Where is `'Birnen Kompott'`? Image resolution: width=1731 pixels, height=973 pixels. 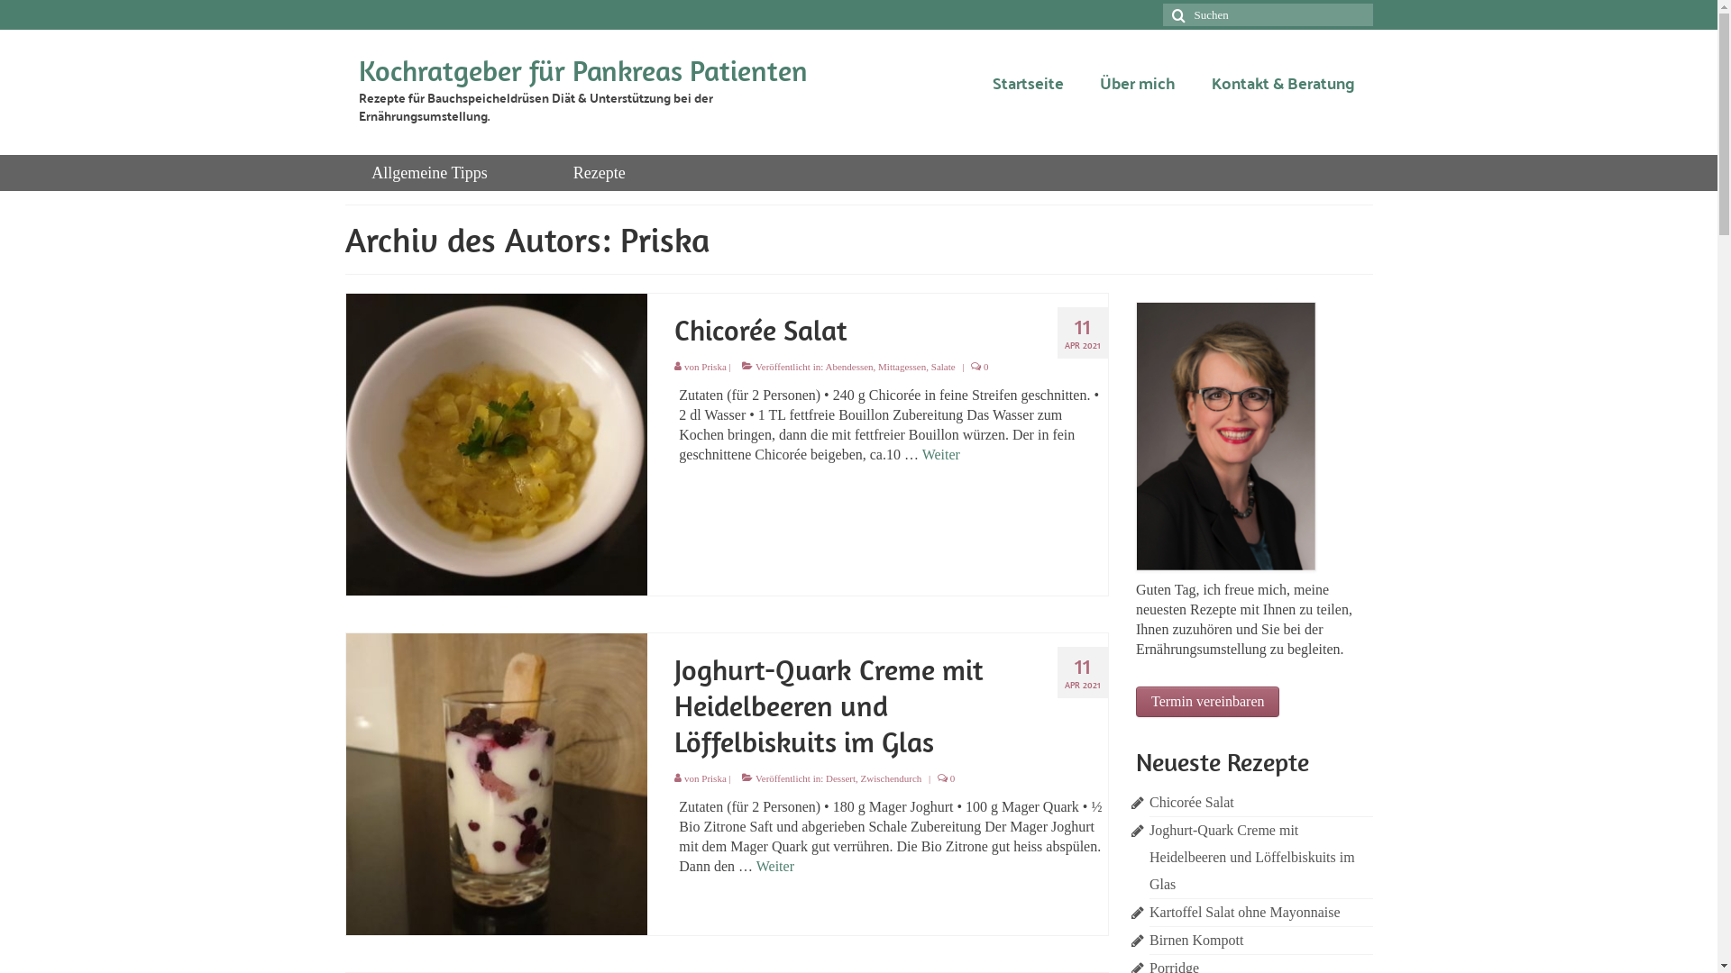 'Birnen Kompott' is located at coordinates (1195, 939).